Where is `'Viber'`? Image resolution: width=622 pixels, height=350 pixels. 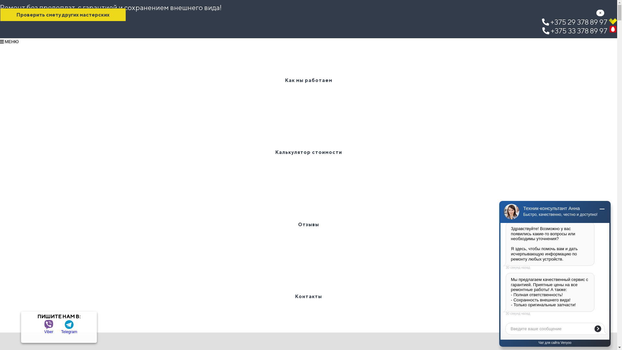 'Viber' is located at coordinates (48, 324).